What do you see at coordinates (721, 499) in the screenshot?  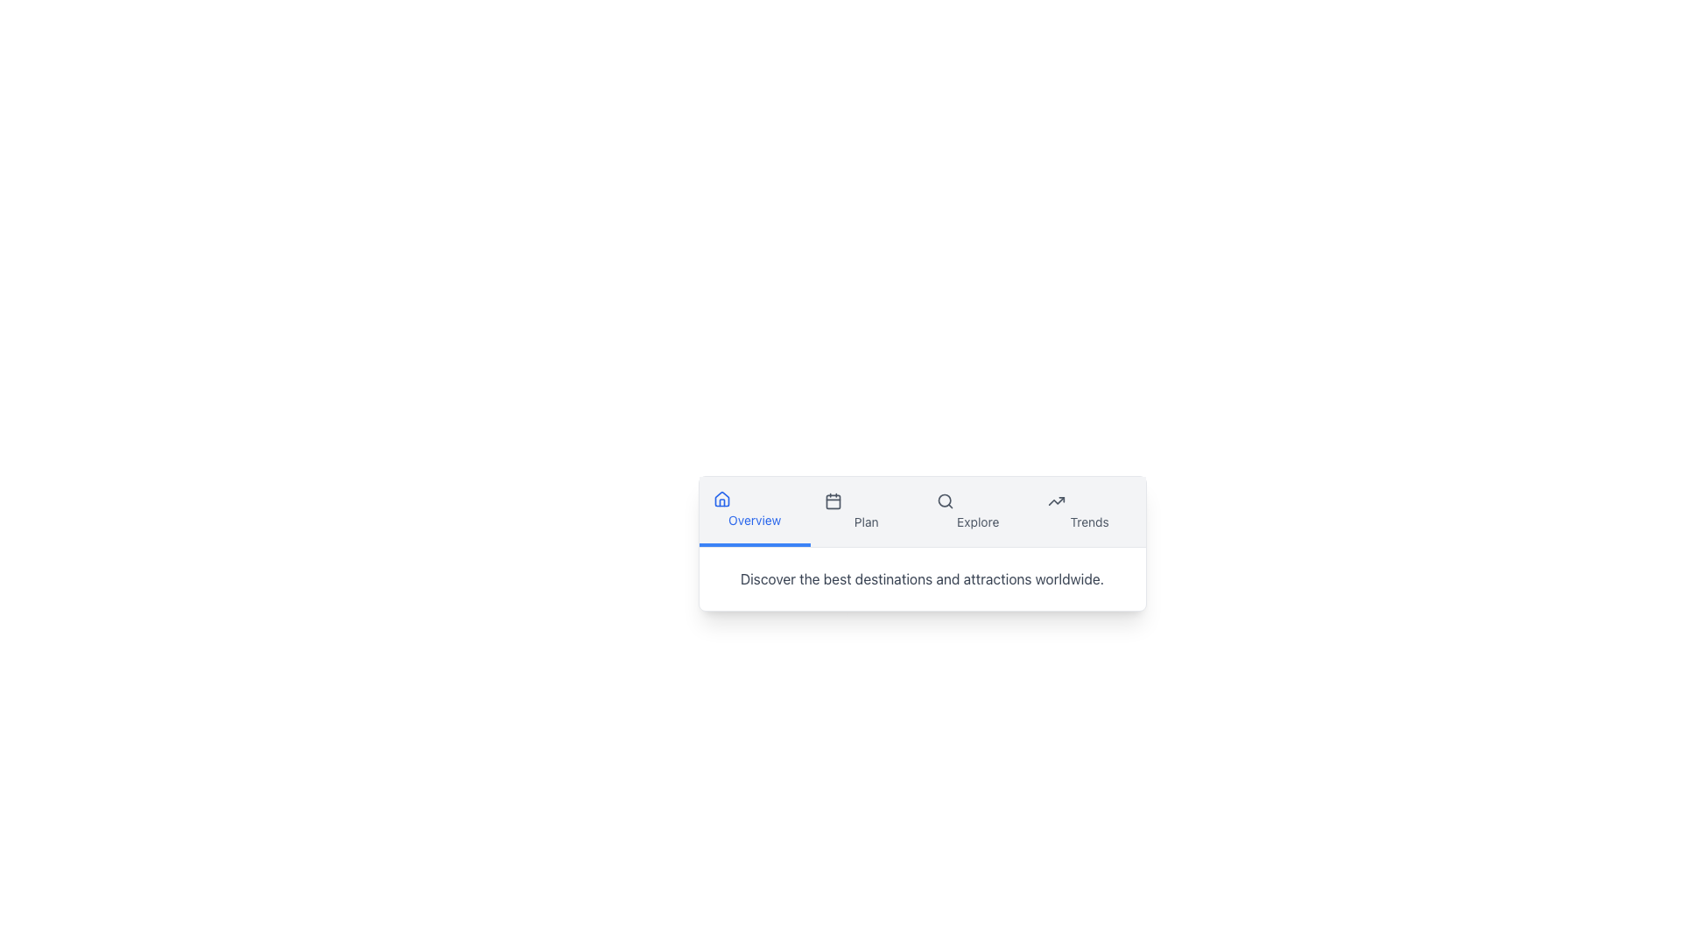 I see `the house icon representing the 'Overview' tab, located at the top-left corner of the navigation section above the 'Overview' text label` at bounding box center [721, 499].